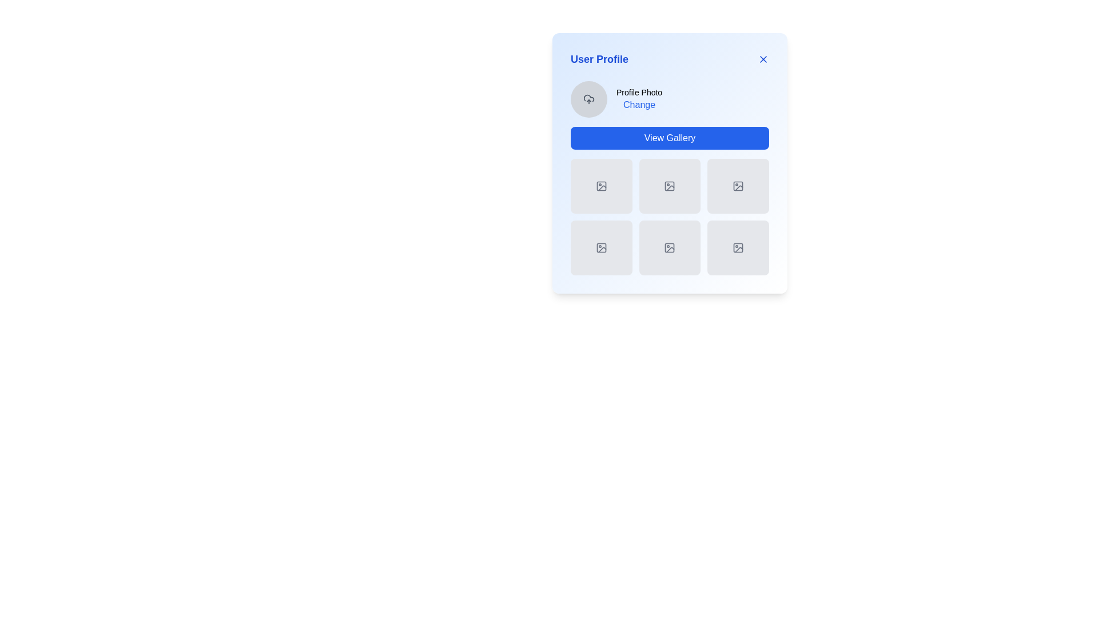 This screenshot has width=1098, height=617. I want to click on the placeholder icon located in the second row, second column of the 3x3 grid below the 'View Gallery' button, which signifies an empty state for a gallery slot, so click(670, 186).